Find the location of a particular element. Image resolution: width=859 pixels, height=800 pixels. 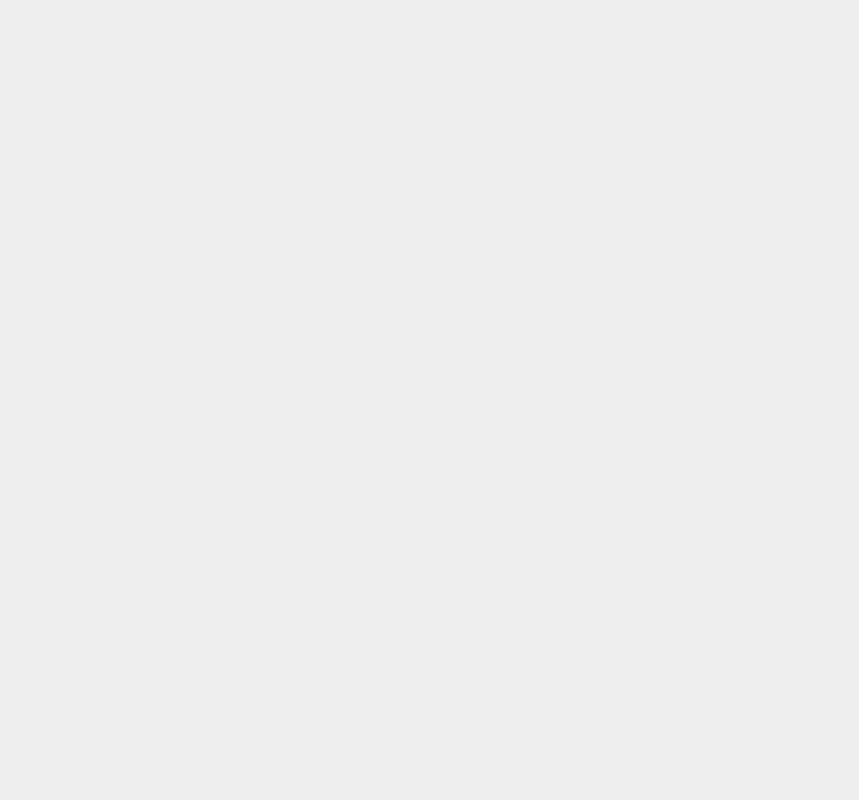

'Mobile' is located at coordinates (621, 603).